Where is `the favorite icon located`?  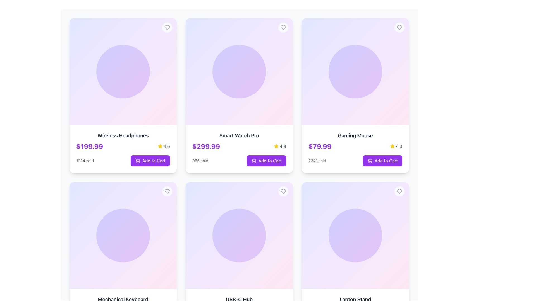 the favorite icon located is located at coordinates (167, 191).